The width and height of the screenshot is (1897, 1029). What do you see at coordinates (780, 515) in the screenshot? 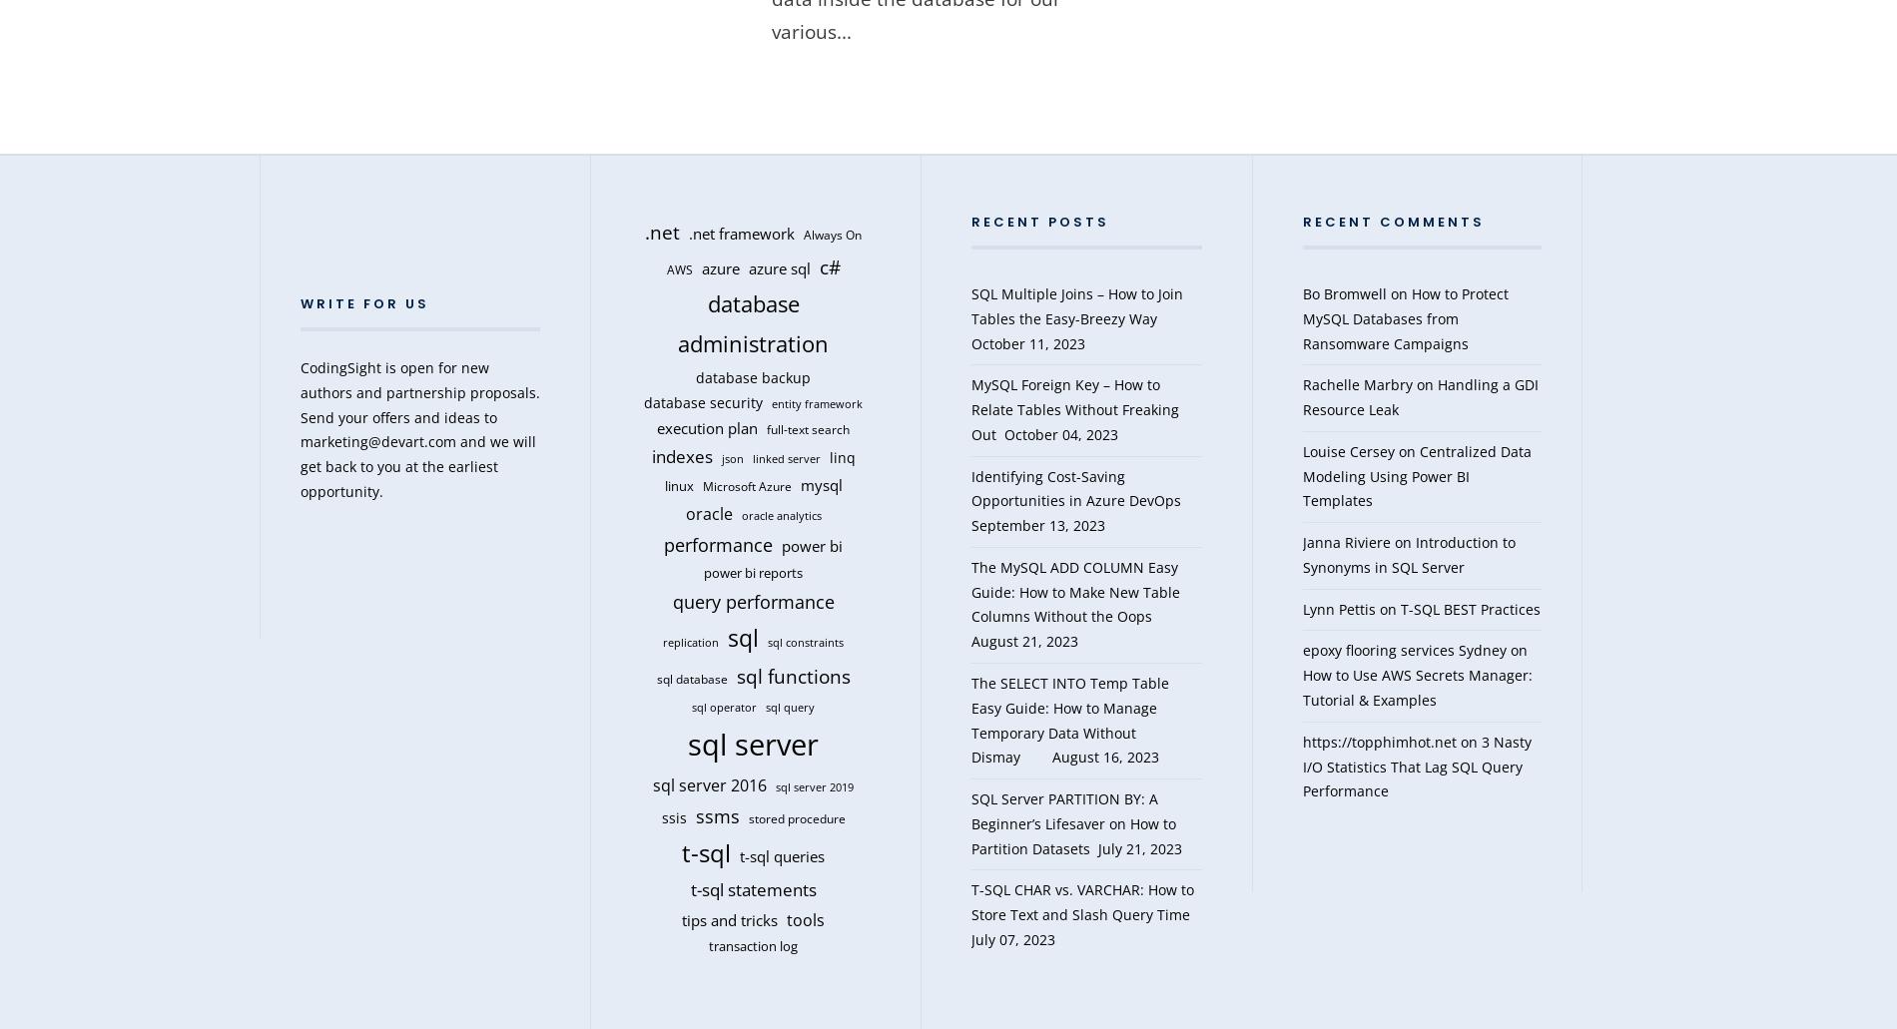
I see `'oracle analytics'` at bounding box center [780, 515].